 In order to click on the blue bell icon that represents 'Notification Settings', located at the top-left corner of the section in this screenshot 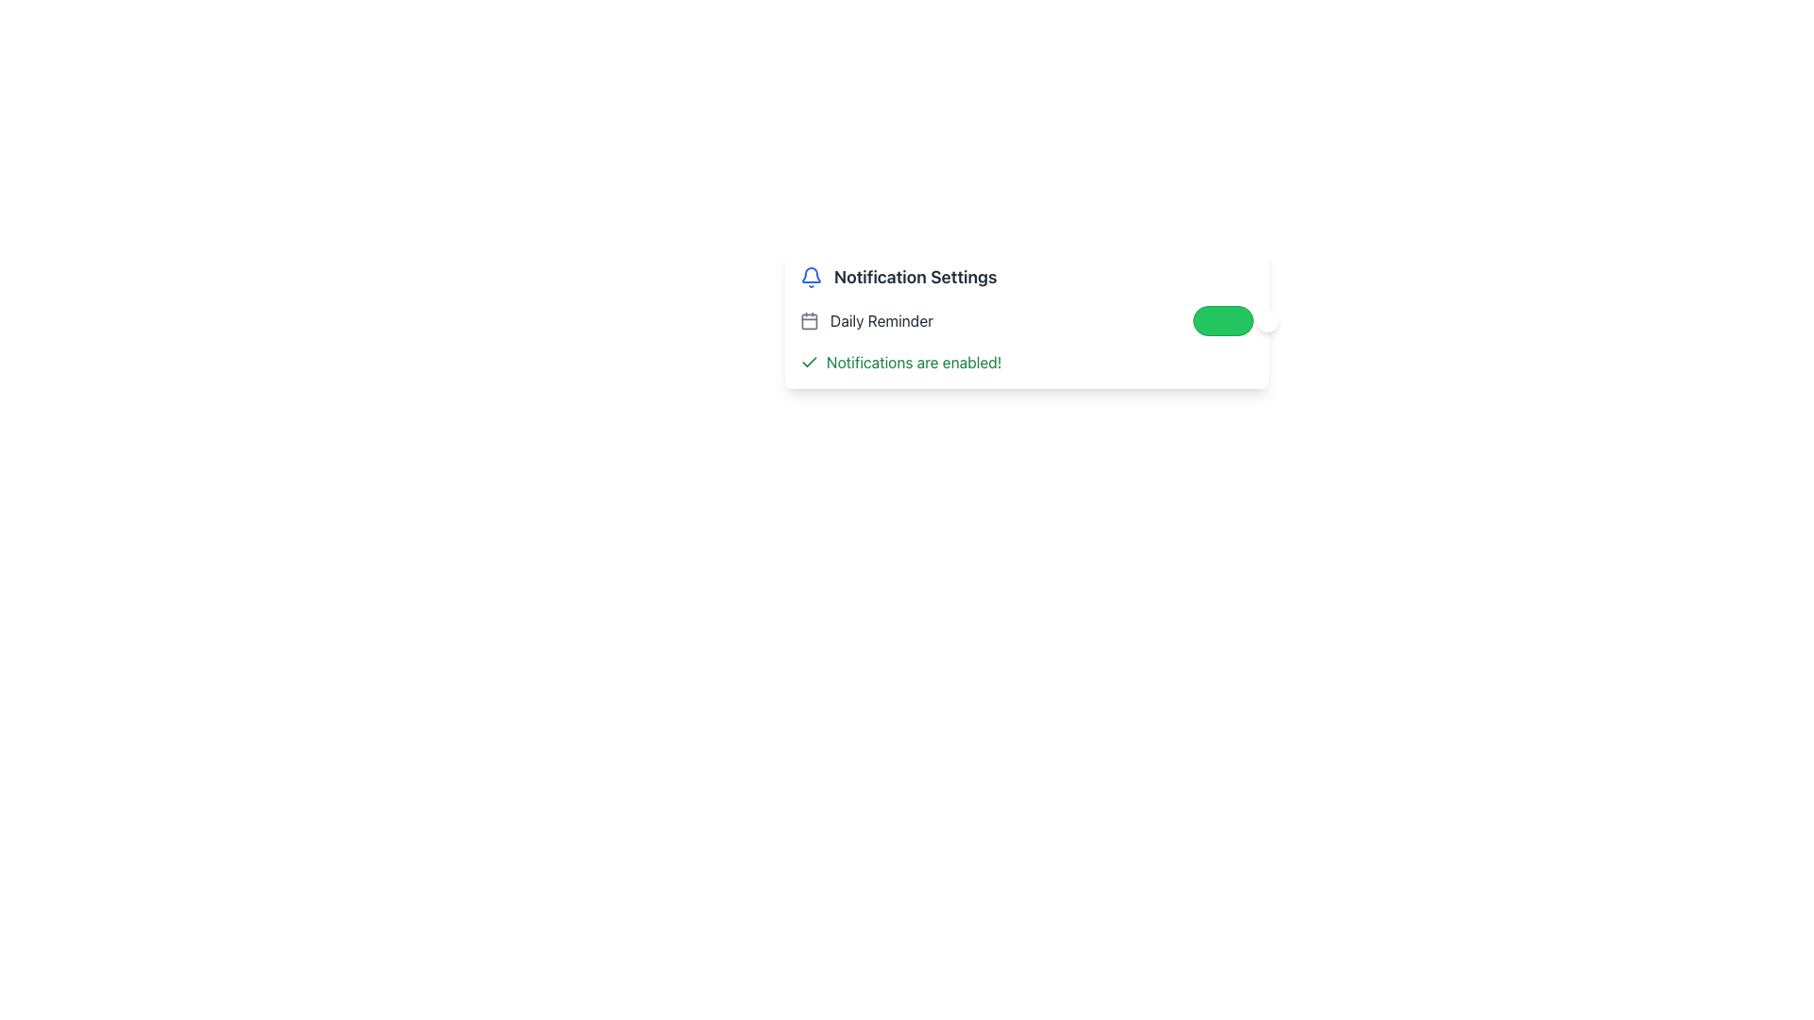, I will do `click(812, 277)`.